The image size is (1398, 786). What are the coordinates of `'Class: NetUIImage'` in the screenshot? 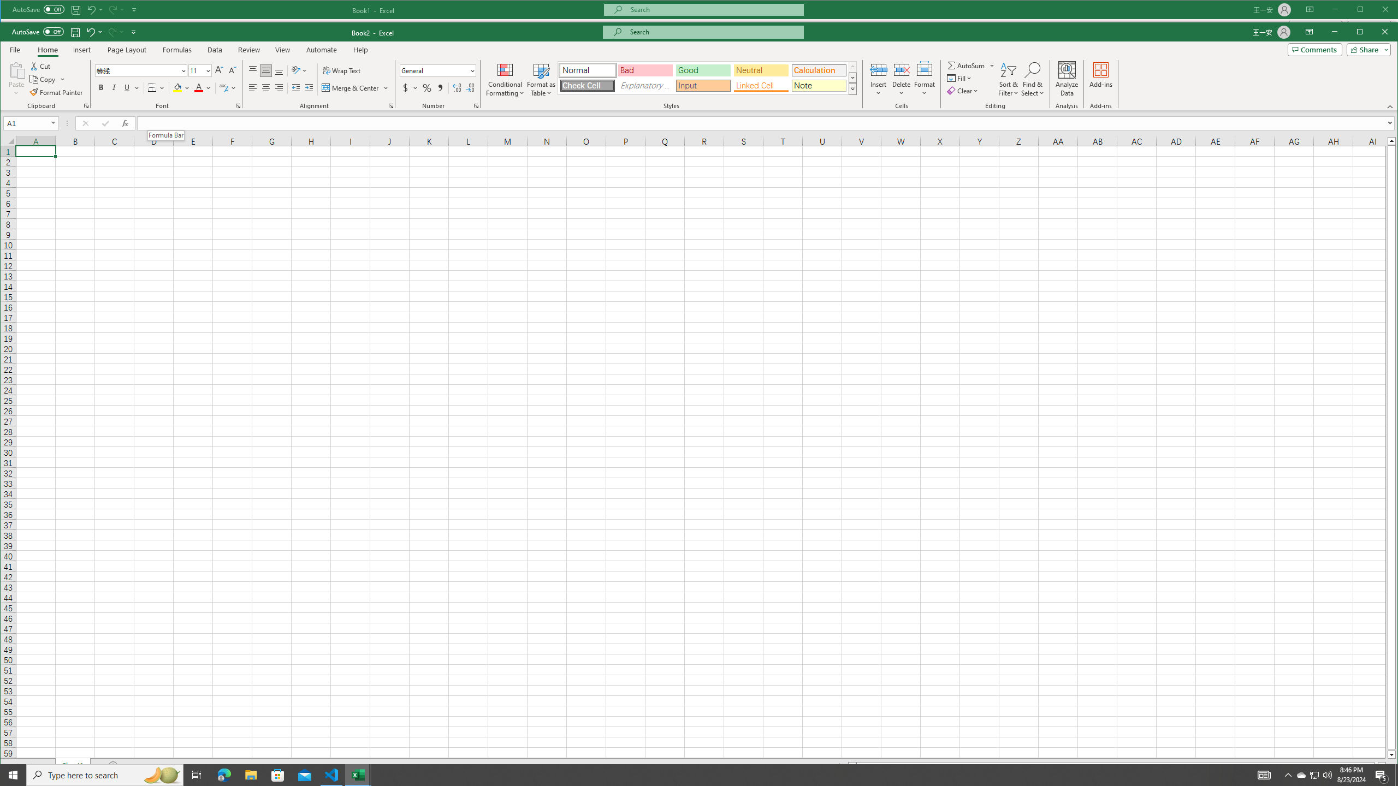 It's located at (852, 88).